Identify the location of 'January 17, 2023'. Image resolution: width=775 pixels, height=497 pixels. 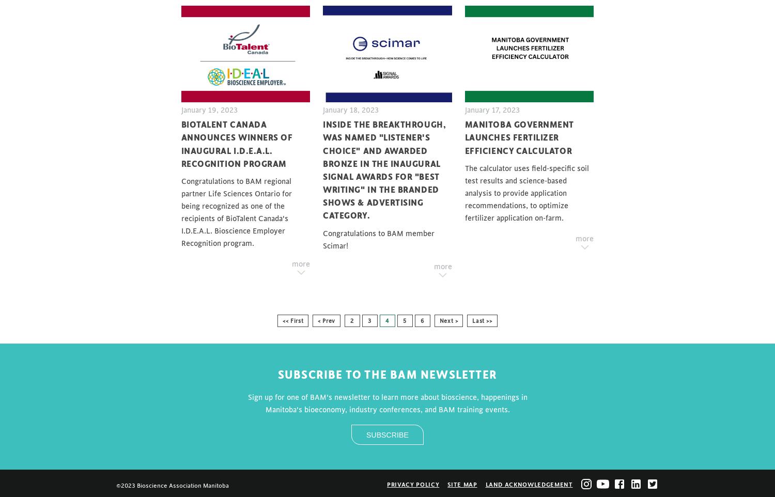
(491, 110).